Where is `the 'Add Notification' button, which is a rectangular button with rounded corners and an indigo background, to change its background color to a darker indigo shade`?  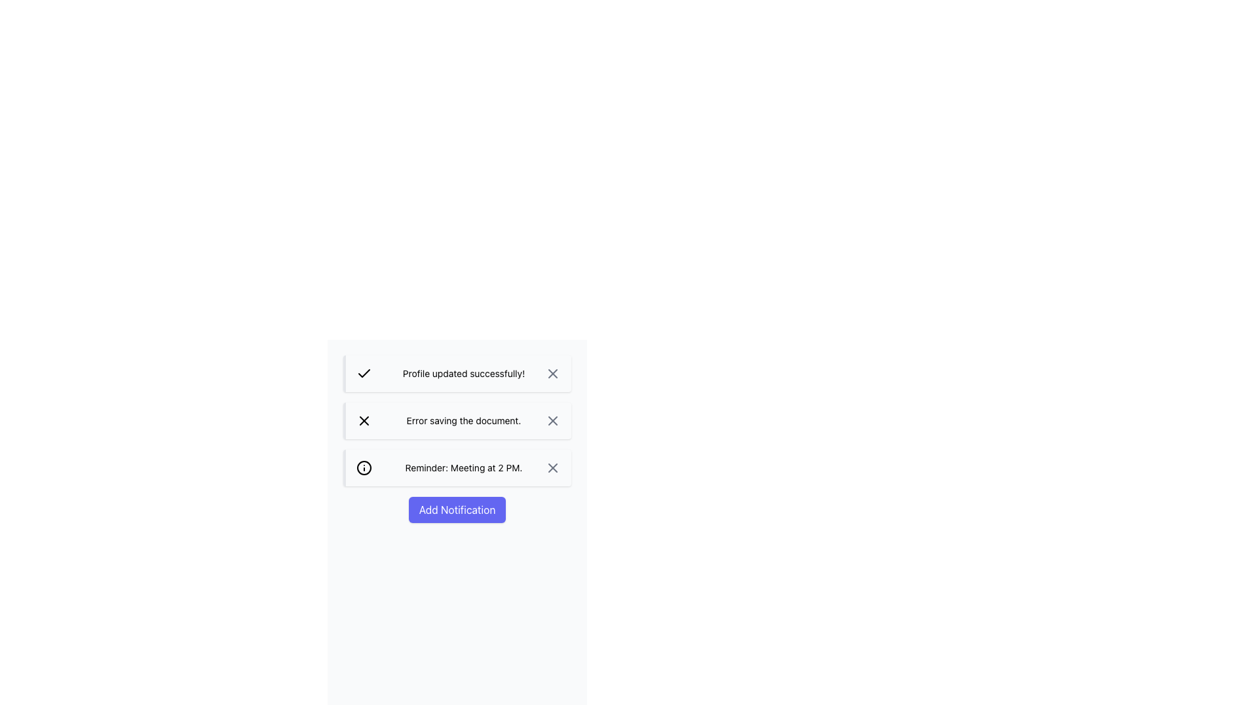 the 'Add Notification' button, which is a rectangular button with rounded corners and an indigo background, to change its background color to a darker indigo shade is located at coordinates (457, 509).